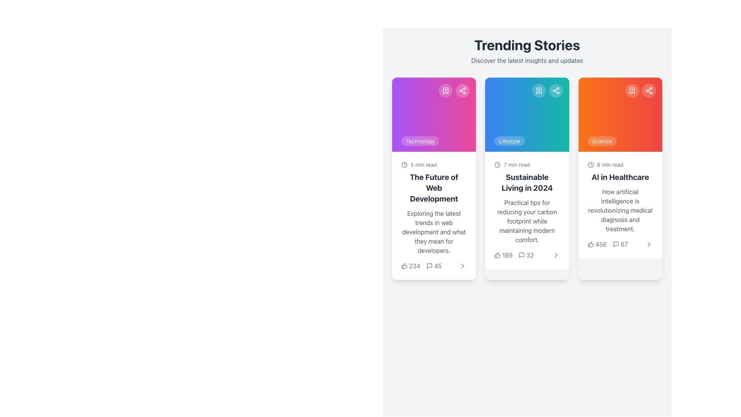  I want to click on the first button from the left in the top-right corner of the first card in the grid to bookmark the content, so click(446, 90).